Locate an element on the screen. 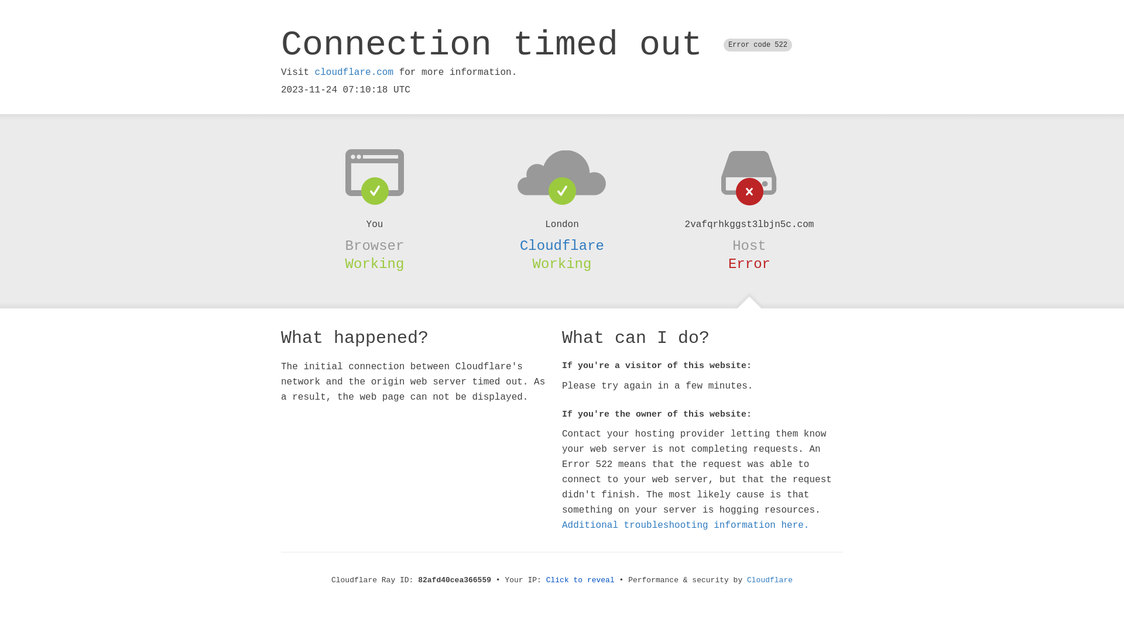 The image size is (1124, 632). 'Additional troubleshooting information here.' is located at coordinates (686, 525).